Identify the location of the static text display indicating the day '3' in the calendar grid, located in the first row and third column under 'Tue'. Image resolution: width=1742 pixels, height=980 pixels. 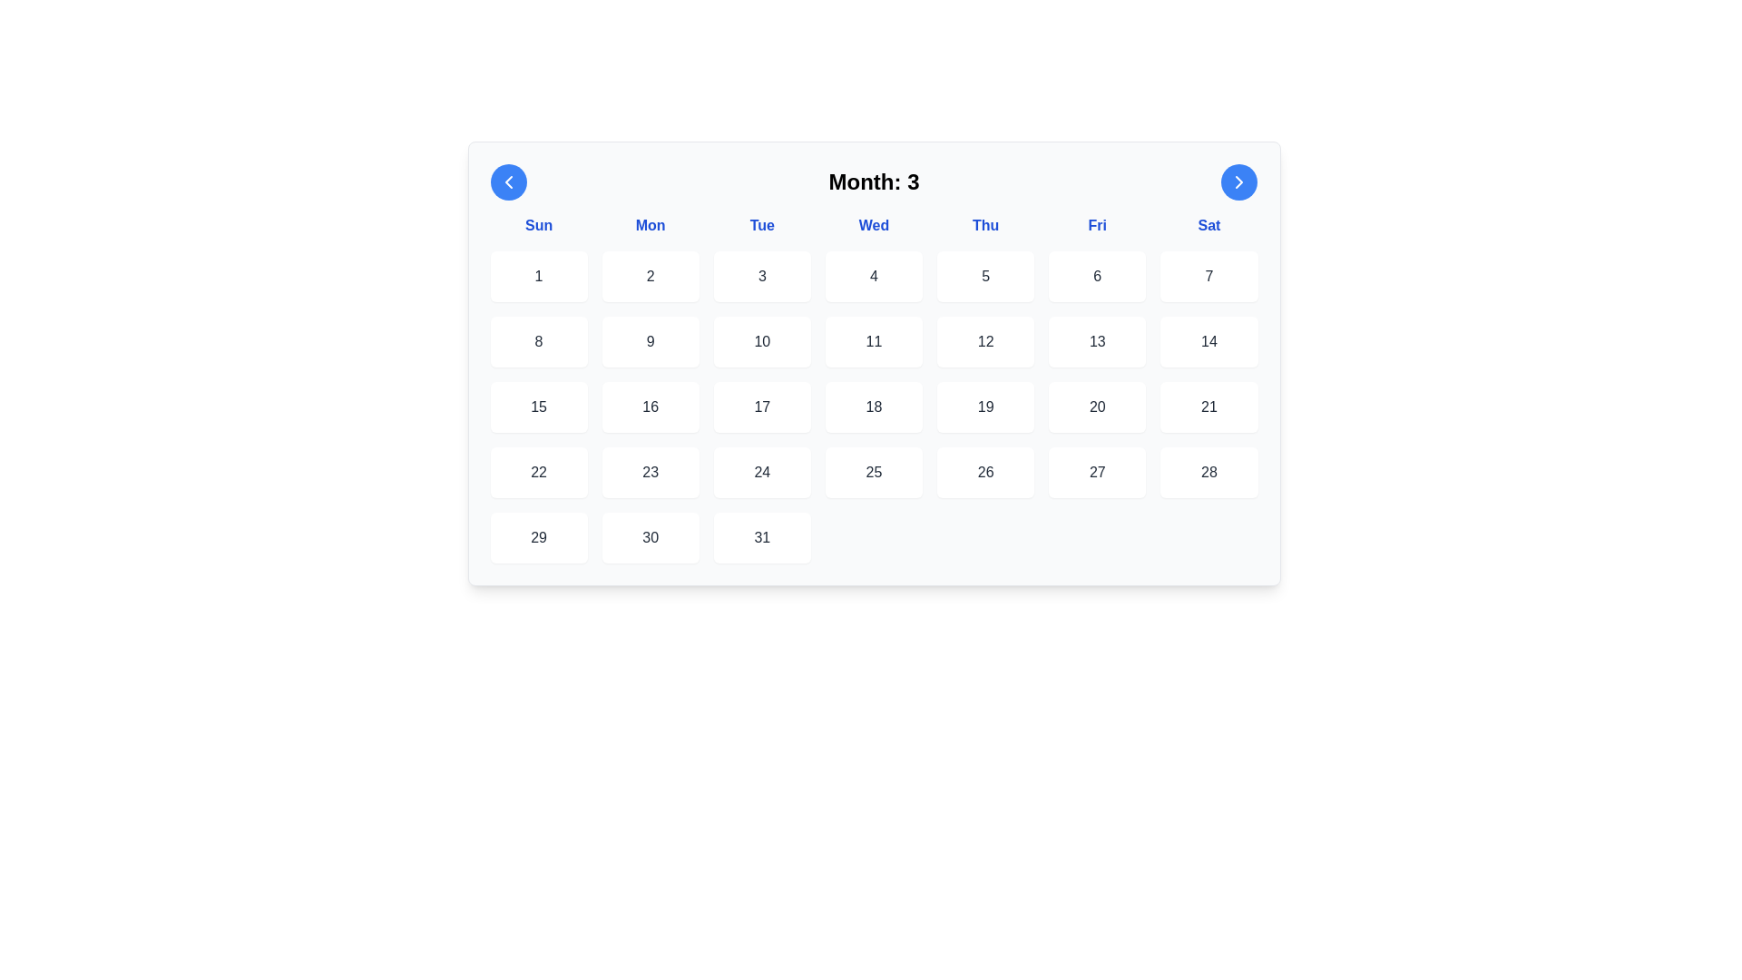
(762, 276).